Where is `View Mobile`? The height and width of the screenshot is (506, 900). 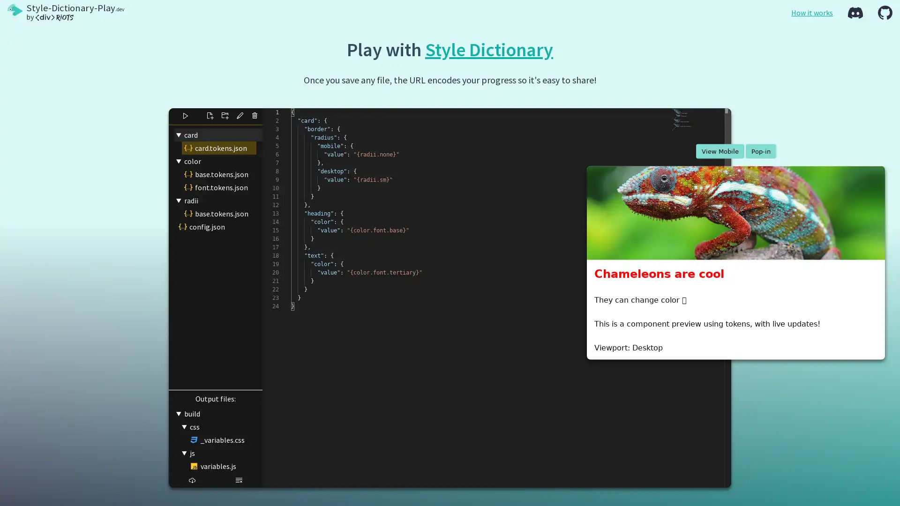
View Mobile is located at coordinates (719, 150).